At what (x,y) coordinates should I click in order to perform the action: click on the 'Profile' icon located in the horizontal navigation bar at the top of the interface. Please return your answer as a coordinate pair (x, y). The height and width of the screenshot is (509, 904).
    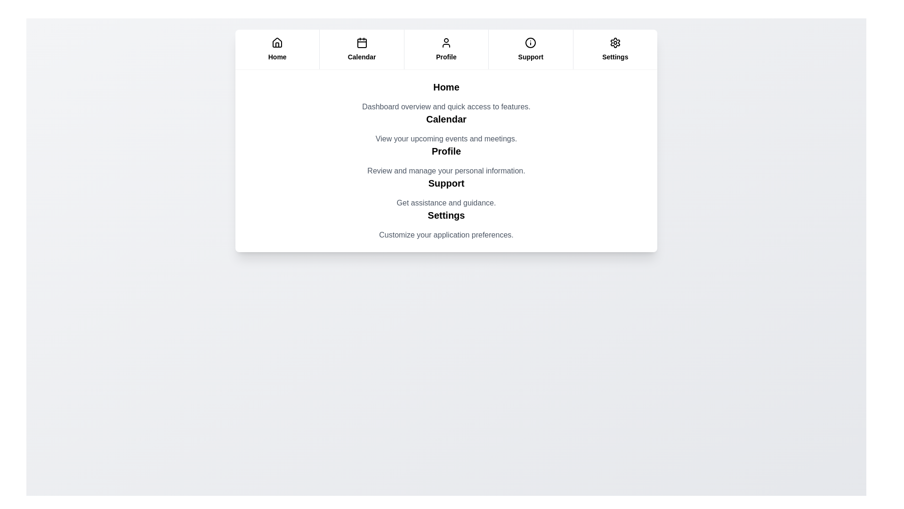
    Looking at the image, I should click on (446, 43).